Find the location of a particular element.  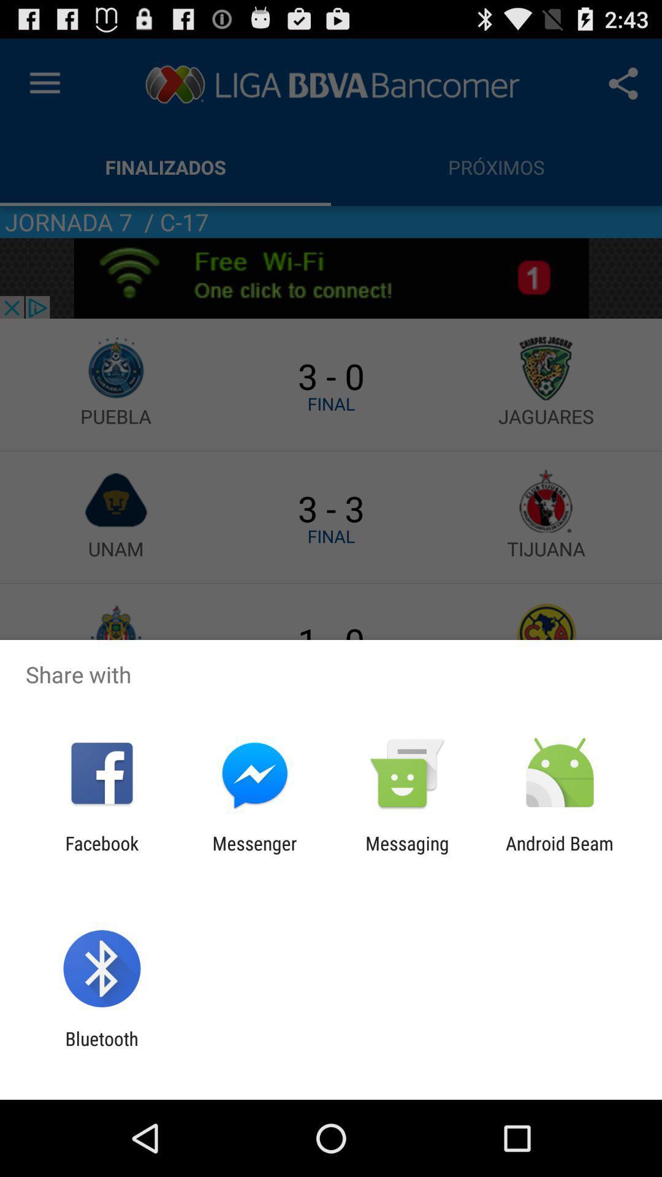

the item to the right of messenger item is located at coordinates (407, 853).